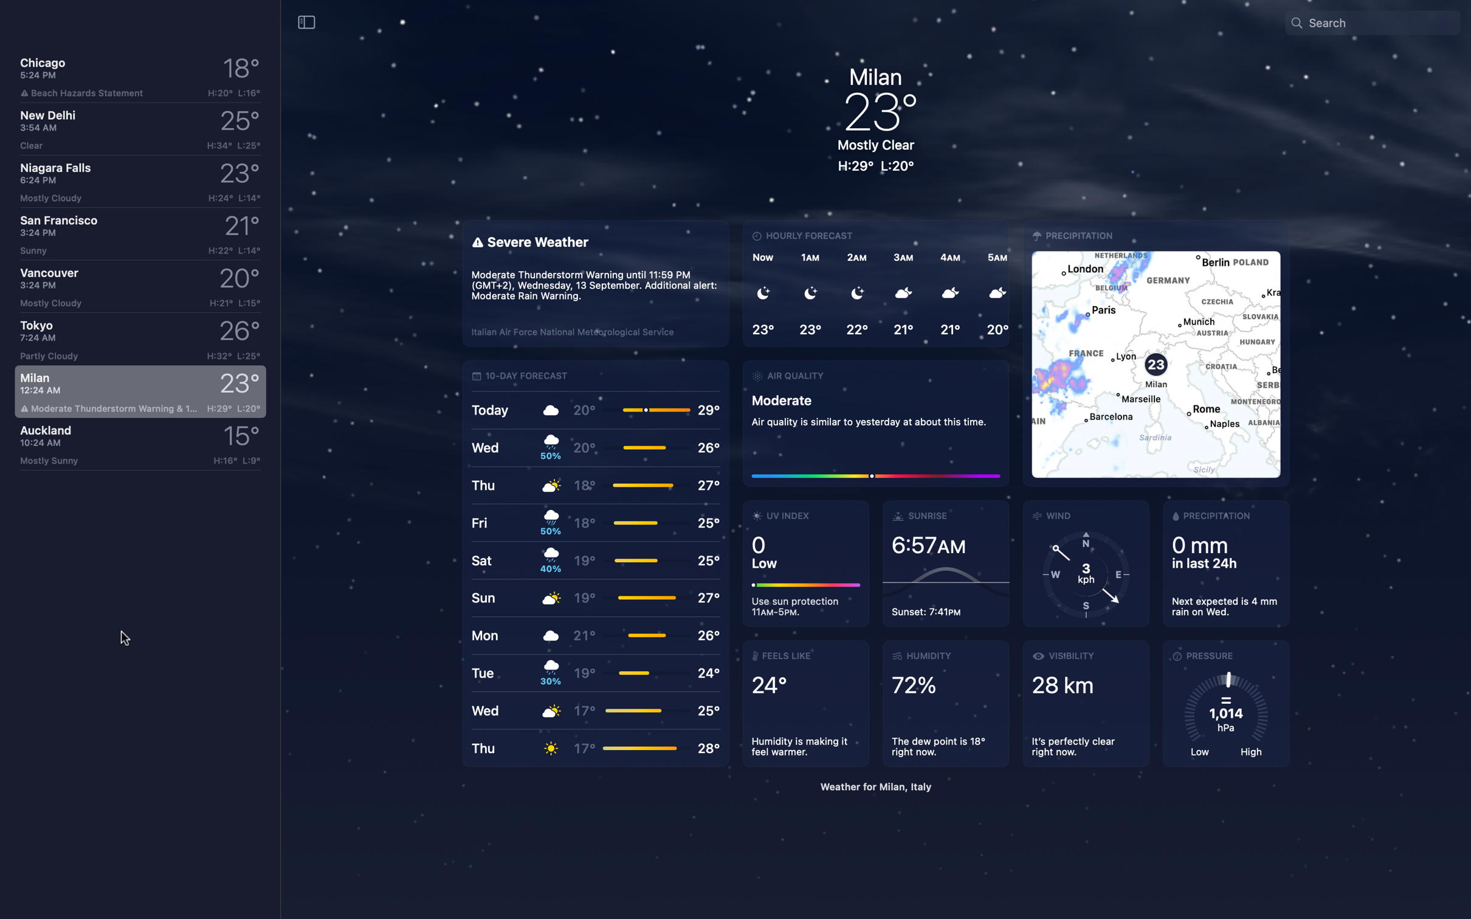 The height and width of the screenshot is (919, 1471). Describe the element at coordinates (1222, 565) in the screenshot. I see `Check precipitation` at that location.